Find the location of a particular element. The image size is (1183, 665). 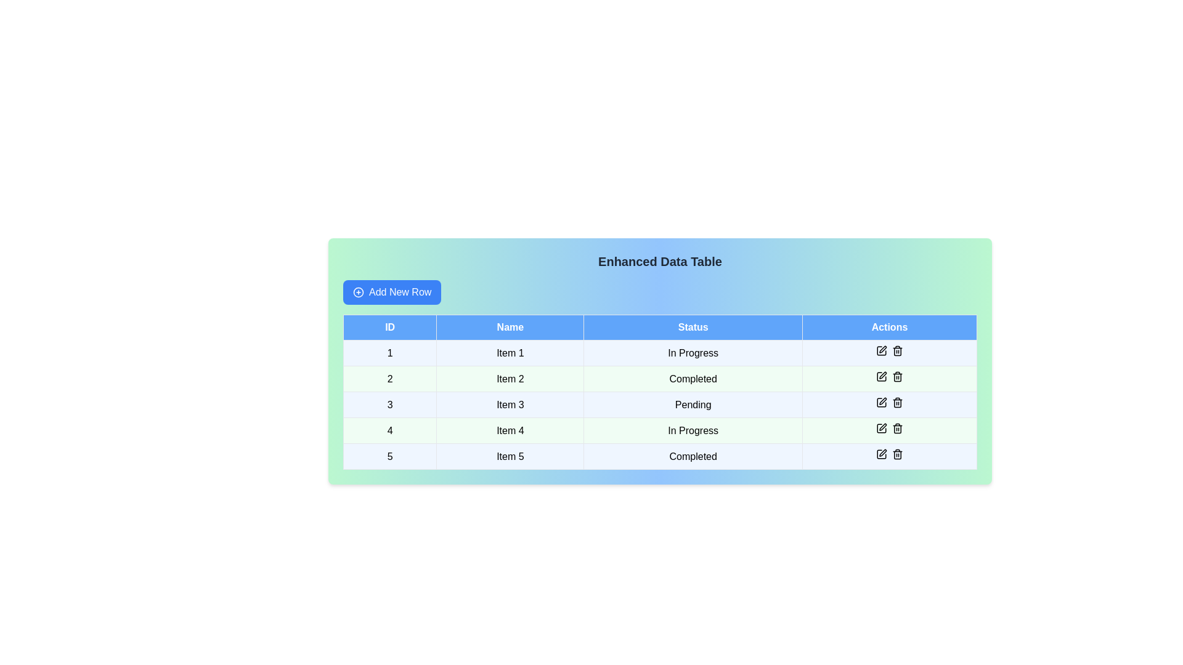

the table cell displaying 'Item 3' in the third column of the third row is located at coordinates (510, 405).